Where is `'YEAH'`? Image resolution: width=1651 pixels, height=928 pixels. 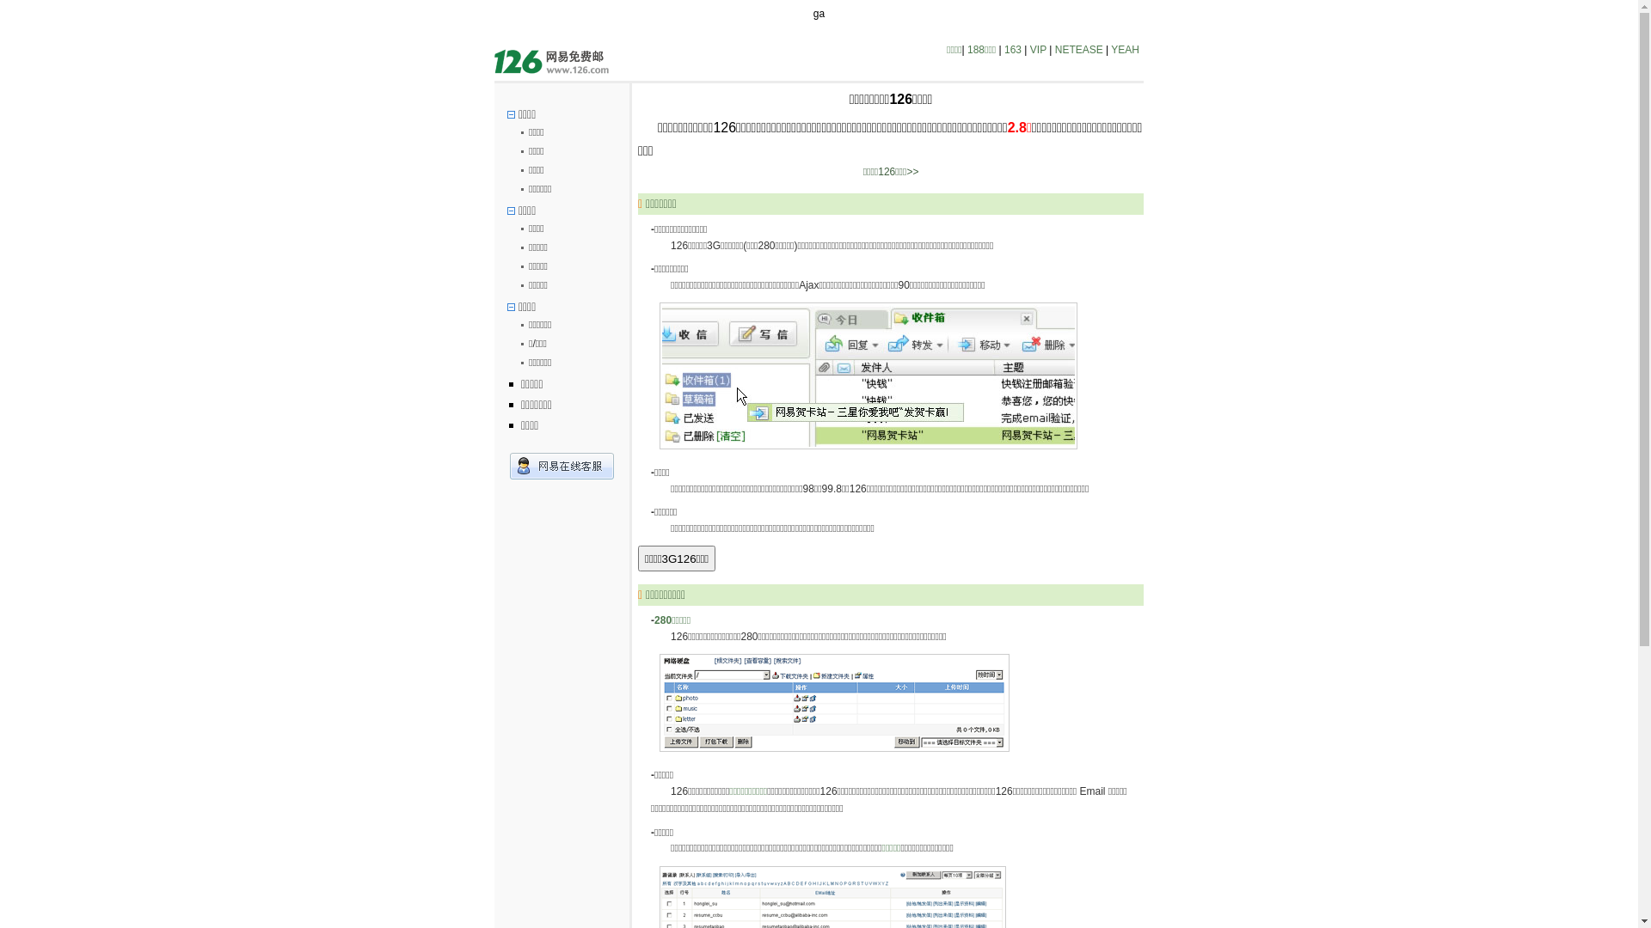
'YEAH' is located at coordinates (1125, 48).